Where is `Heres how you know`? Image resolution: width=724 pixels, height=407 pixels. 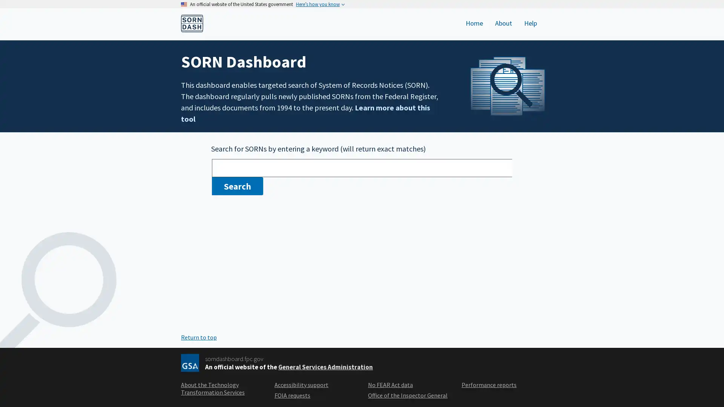 Heres how you know is located at coordinates (320, 4).